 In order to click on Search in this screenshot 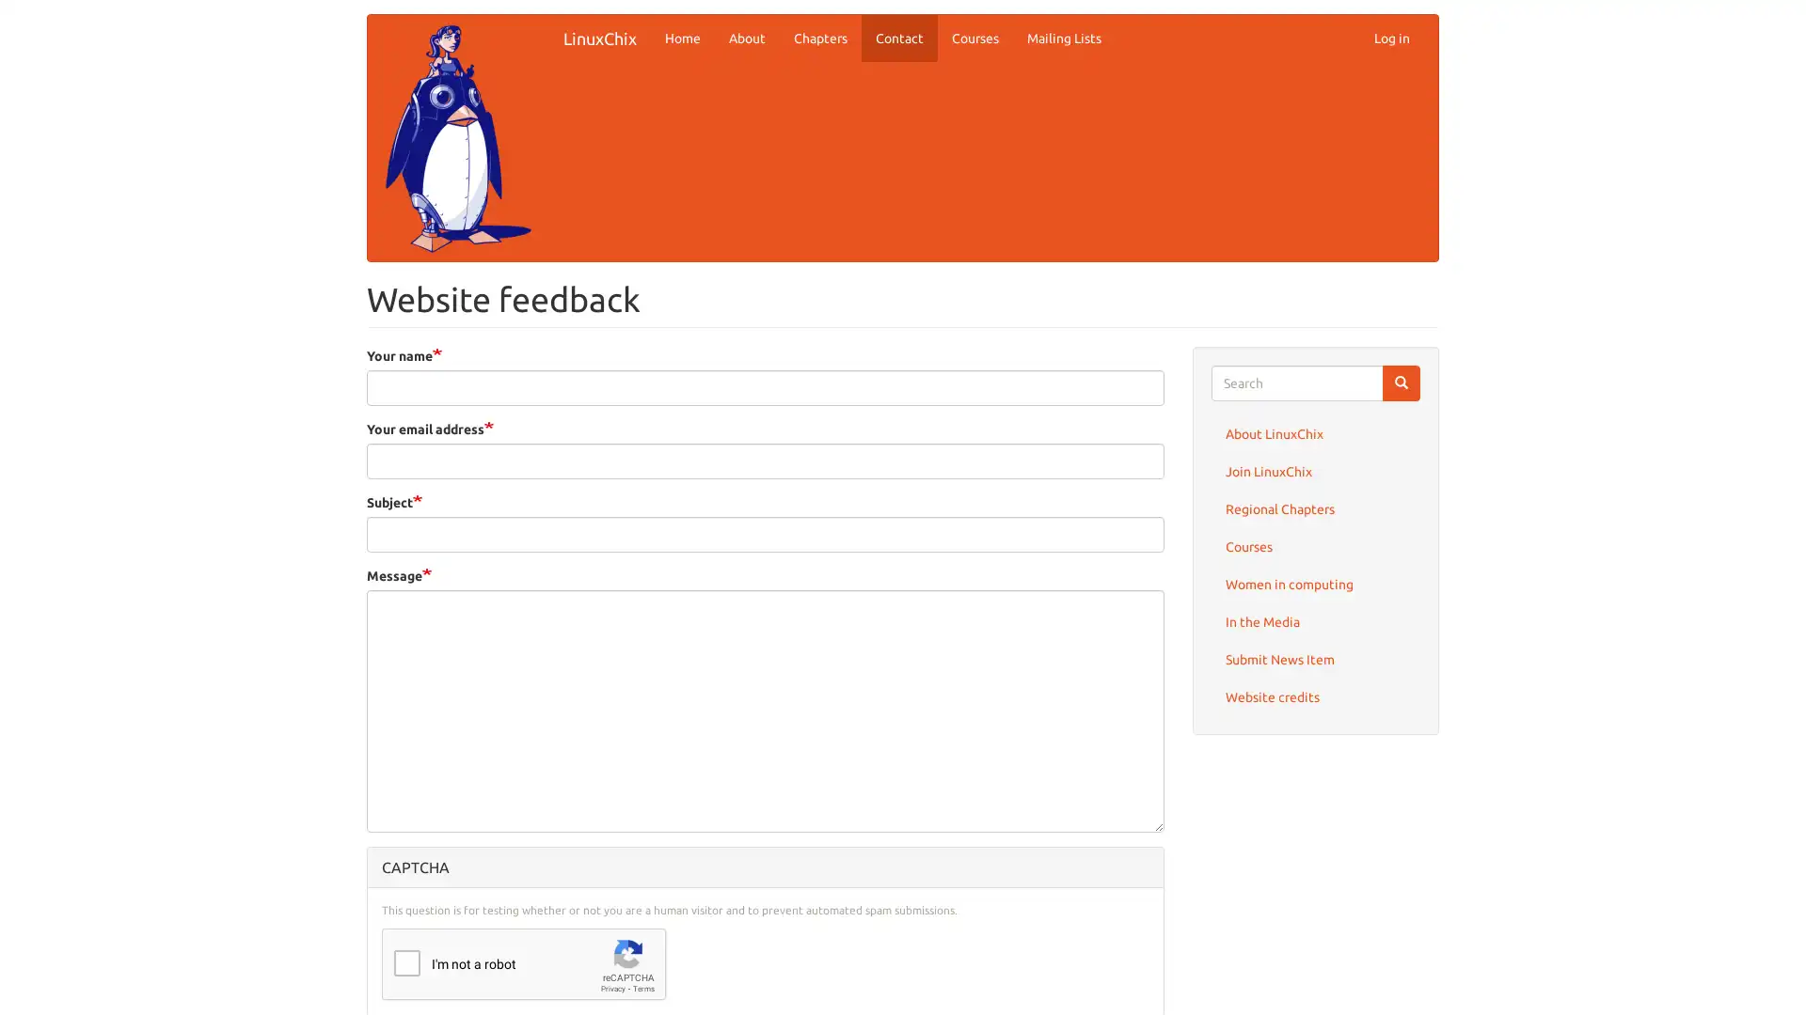, I will do `click(1401, 382)`.